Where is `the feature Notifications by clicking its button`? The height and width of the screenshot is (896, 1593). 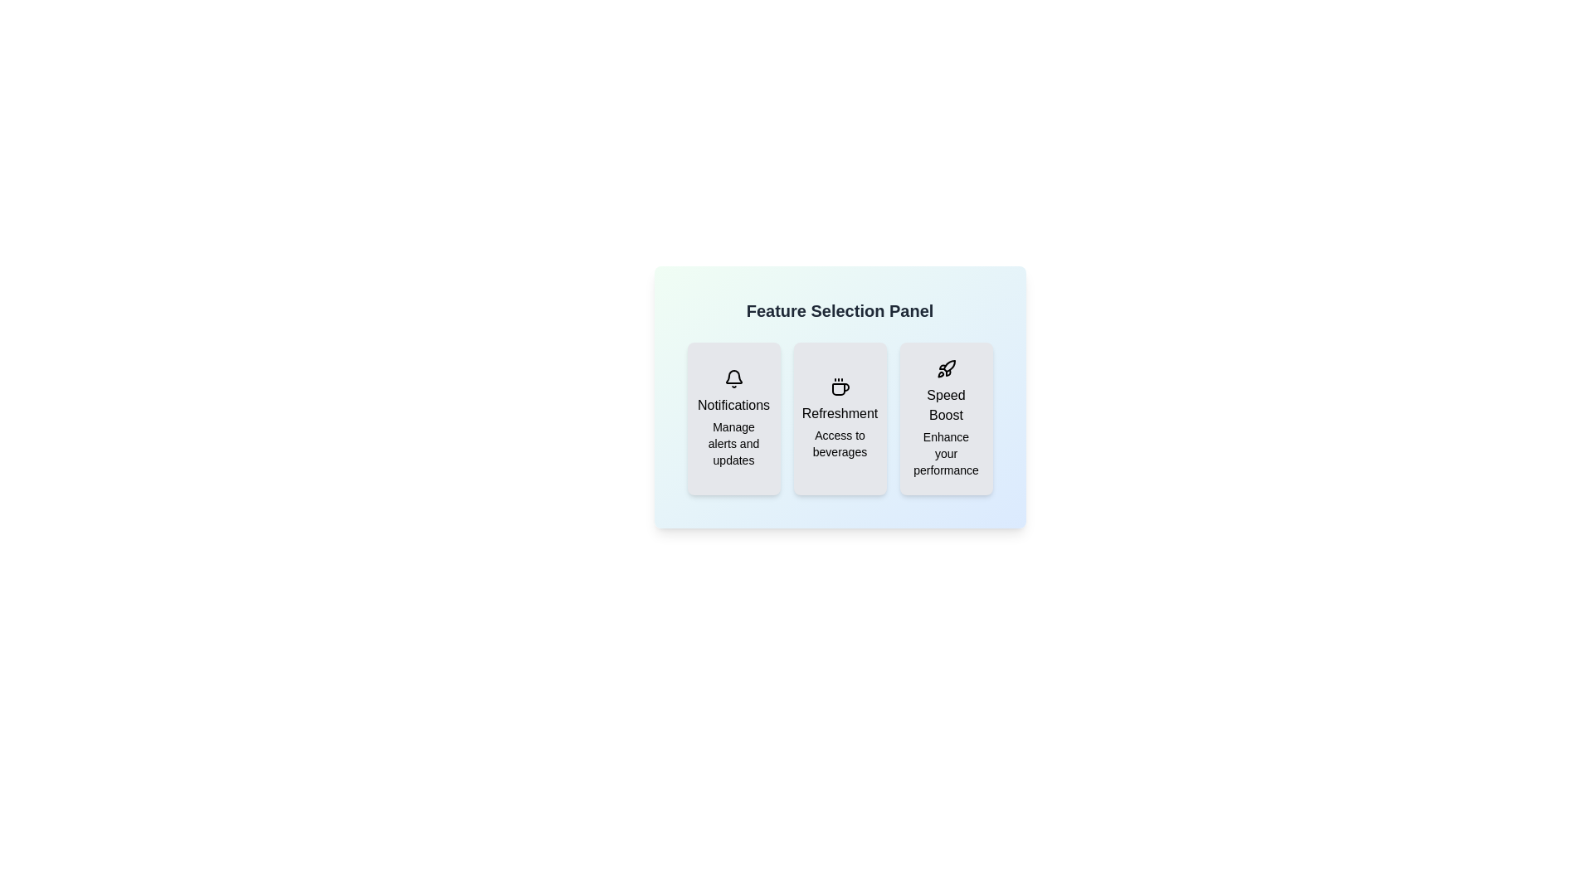 the feature Notifications by clicking its button is located at coordinates (733, 418).